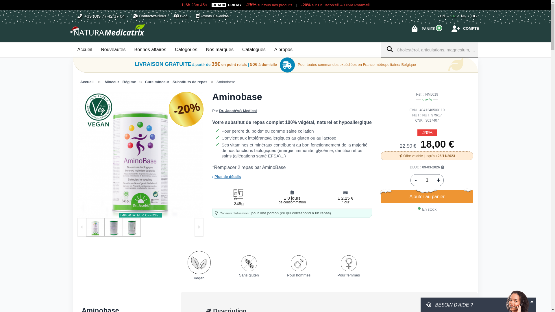  I want to click on 'Blog', so click(180, 16).